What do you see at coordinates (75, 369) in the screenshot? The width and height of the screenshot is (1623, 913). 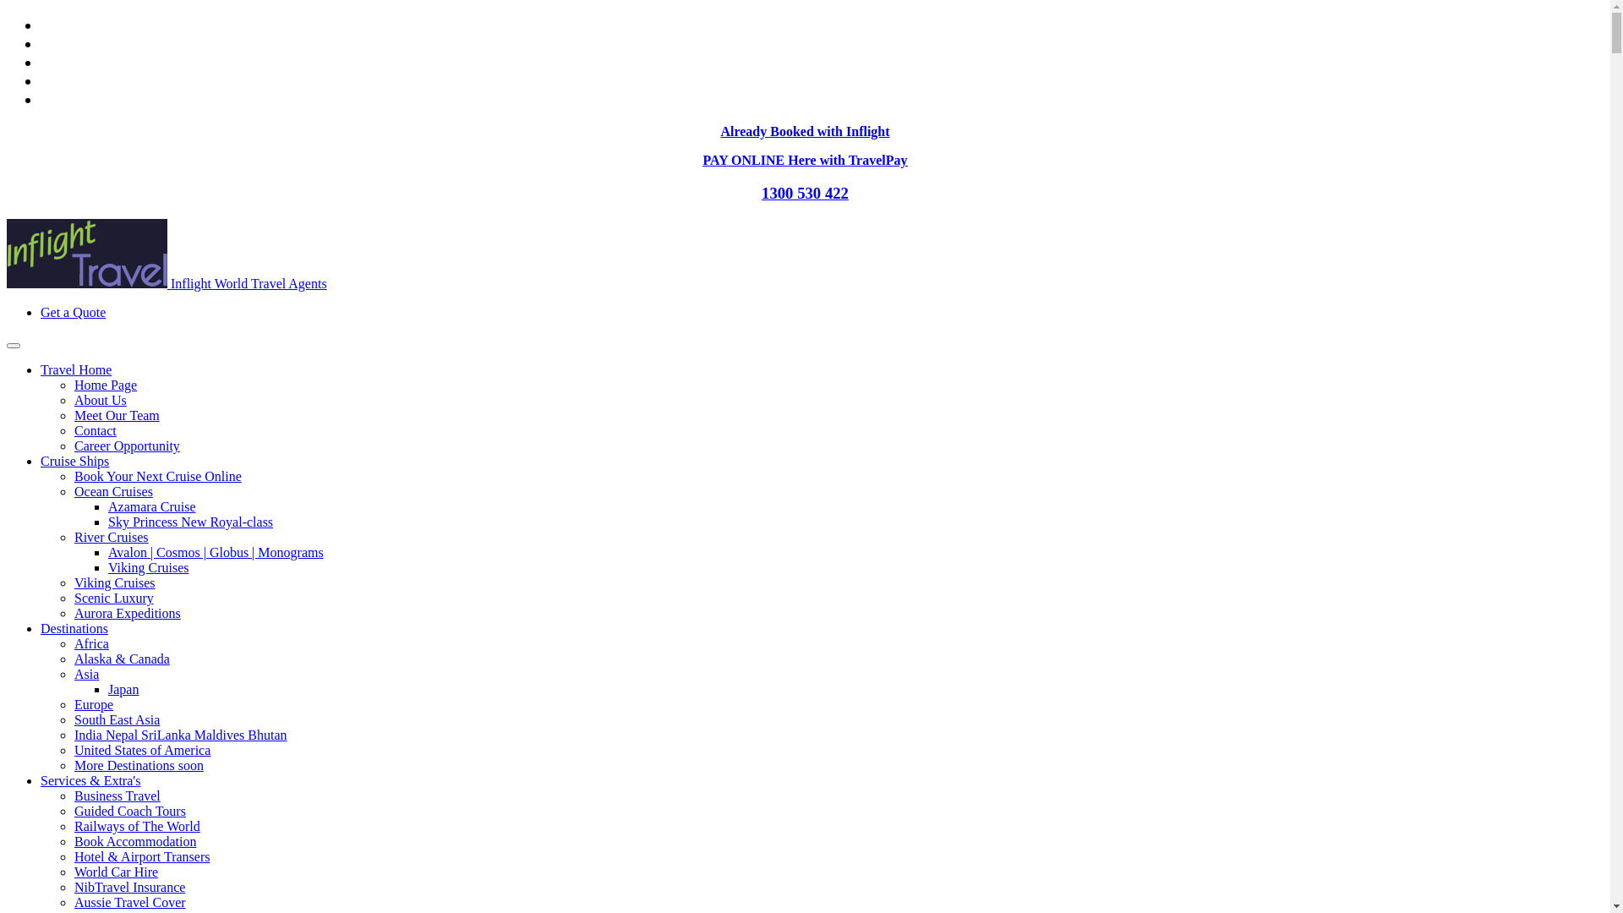 I see `'Travel Home'` at bounding box center [75, 369].